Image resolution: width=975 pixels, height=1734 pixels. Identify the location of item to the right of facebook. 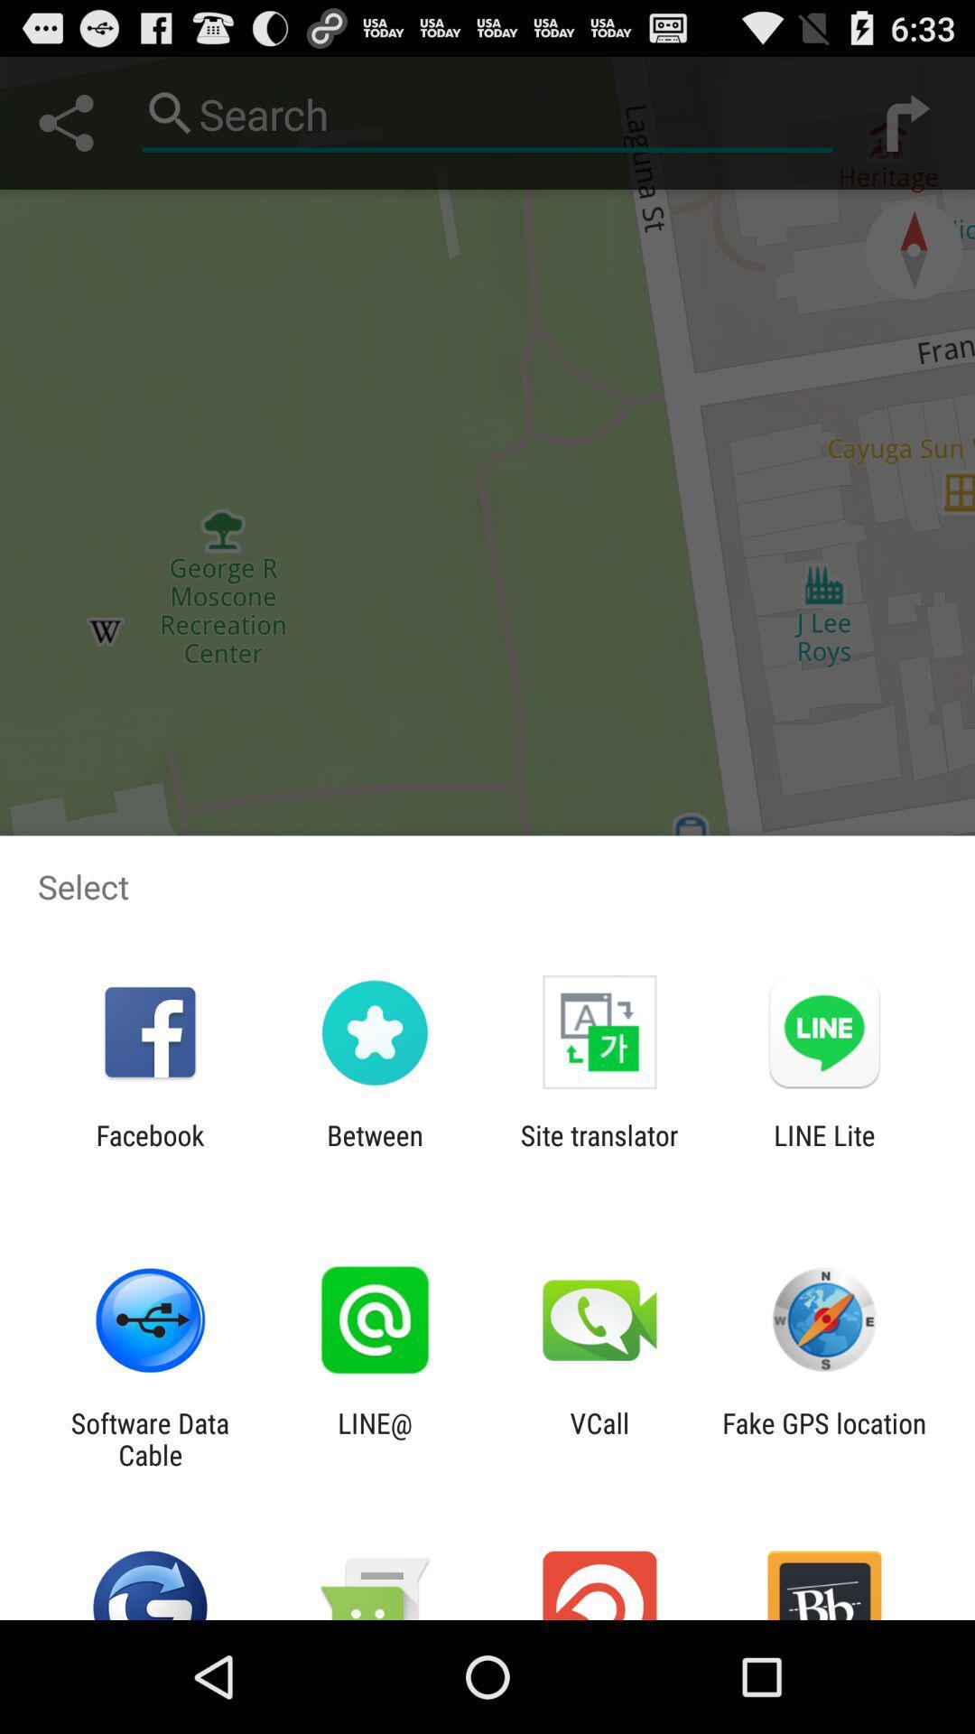
(374, 1151).